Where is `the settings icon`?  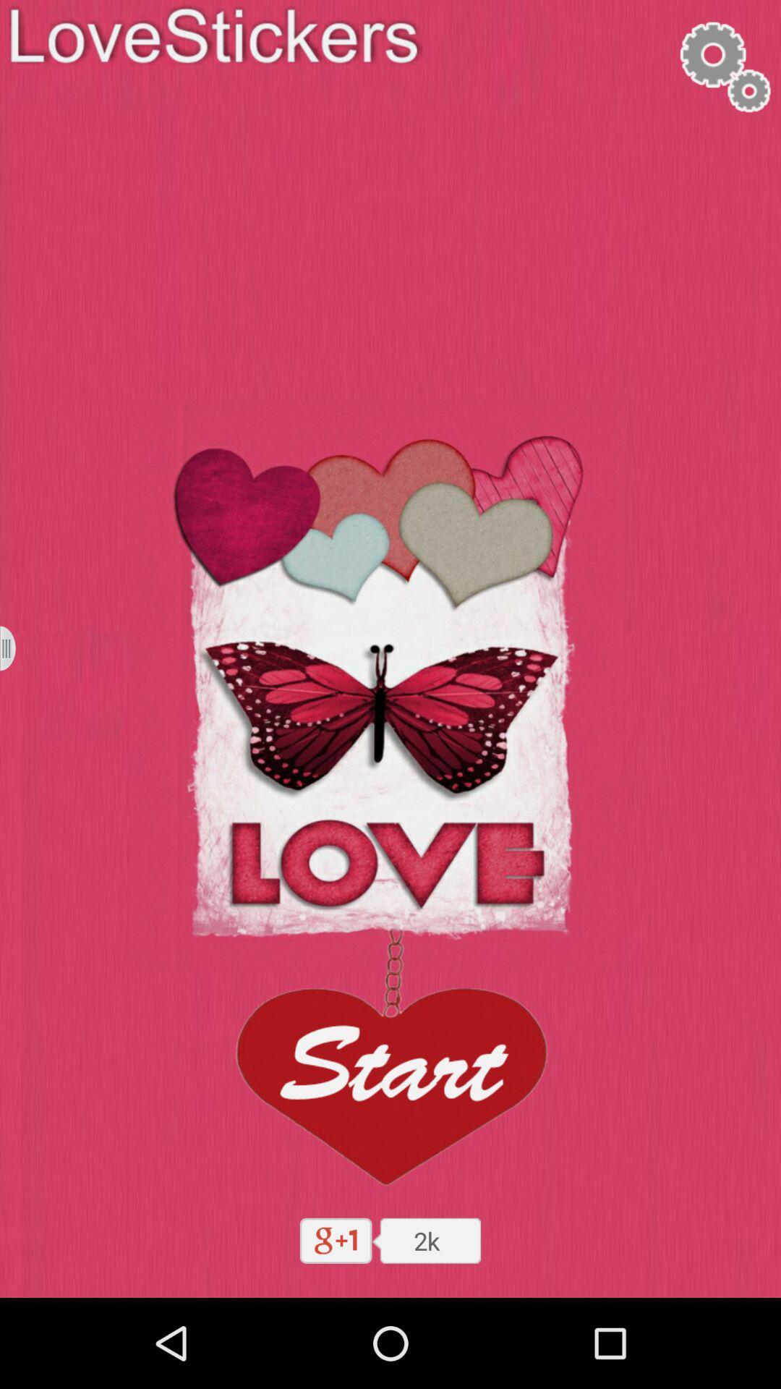 the settings icon is located at coordinates (724, 70).